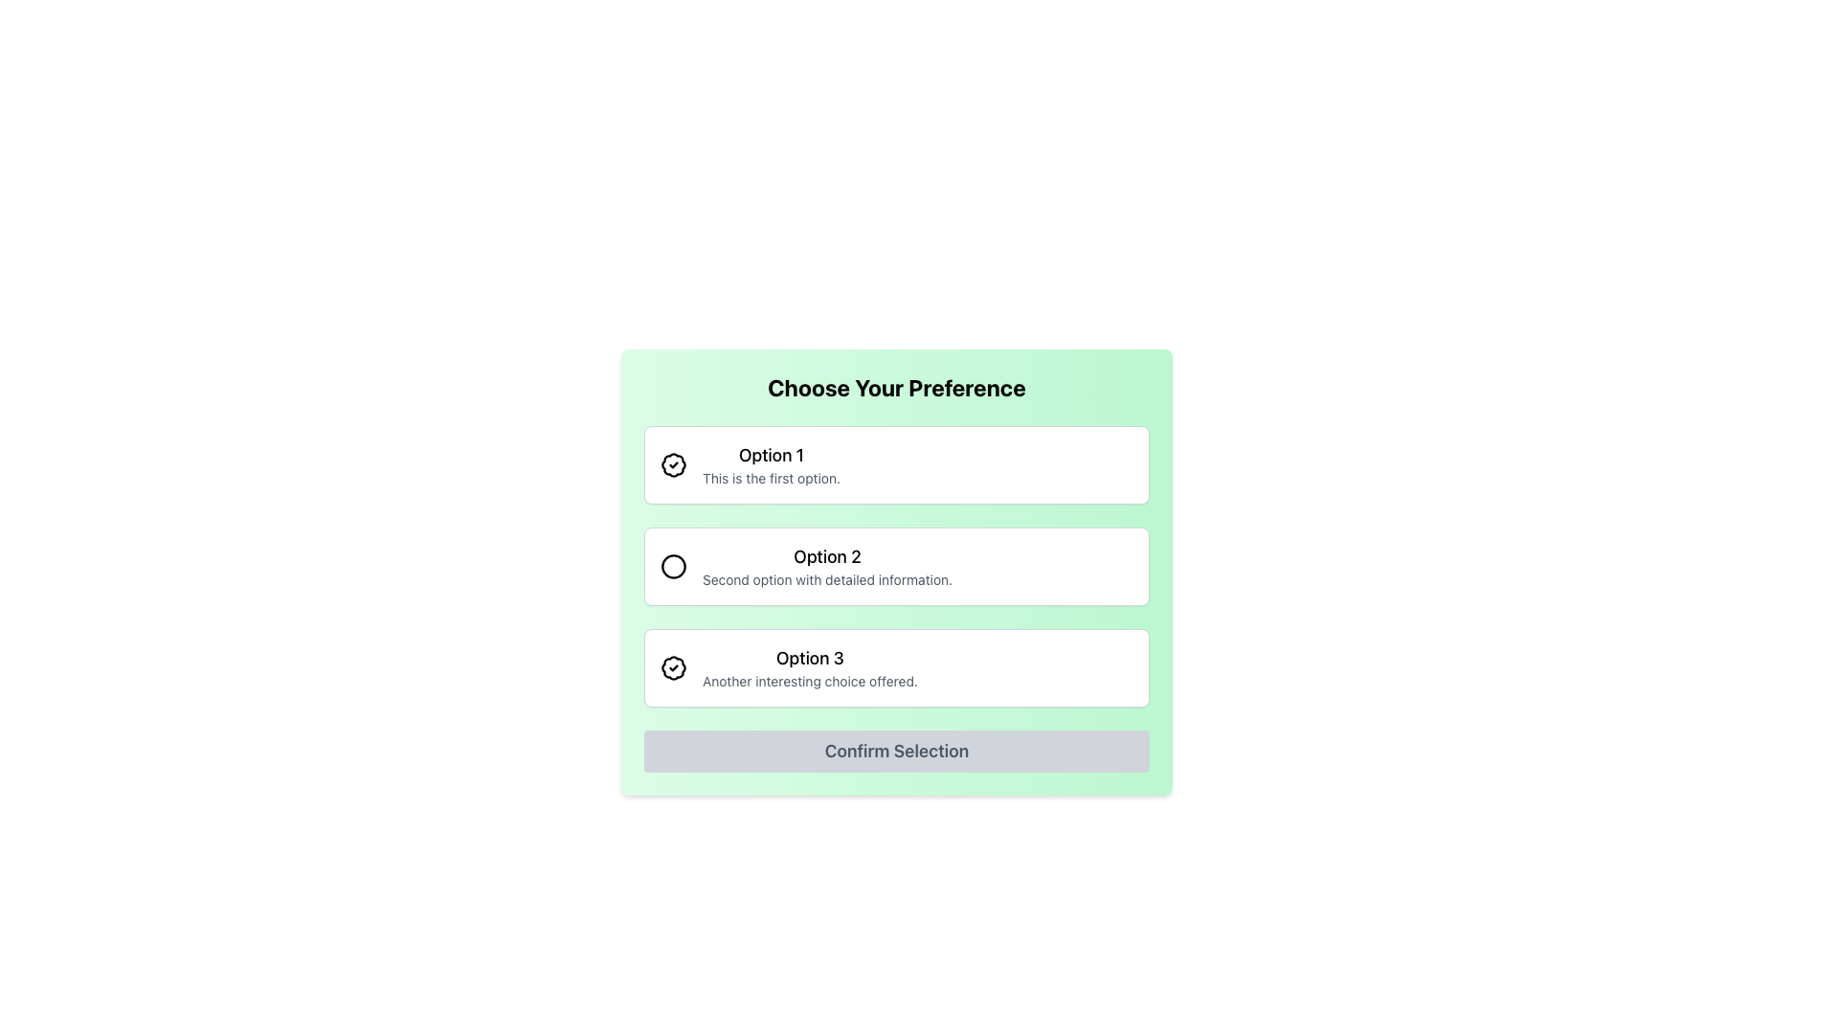 This screenshot has height=1034, width=1838. Describe the element at coordinates (674, 565) in the screenshot. I see `the circular outline icon representing 'Option 2' located to the left of the text in the second selection box` at that location.